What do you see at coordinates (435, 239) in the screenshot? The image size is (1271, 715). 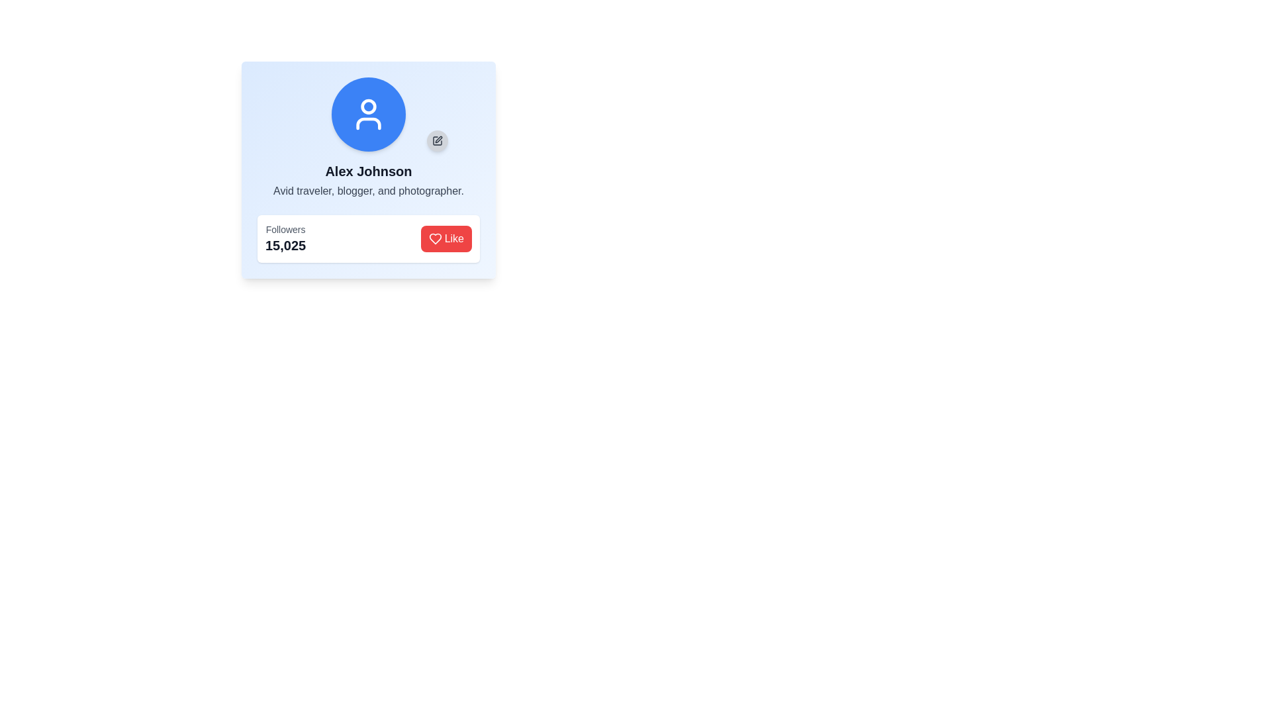 I see `the heart icon located inside the red button at the lower-right corner of the profile card, which signifies a 'like' action` at bounding box center [435, 239].